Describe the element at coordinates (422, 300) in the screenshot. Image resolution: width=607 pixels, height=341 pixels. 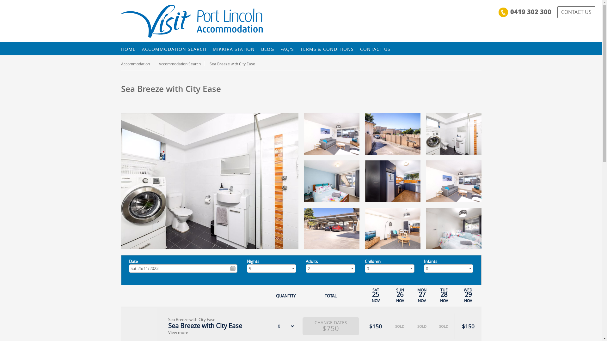
I see `'NOV'` at that location.